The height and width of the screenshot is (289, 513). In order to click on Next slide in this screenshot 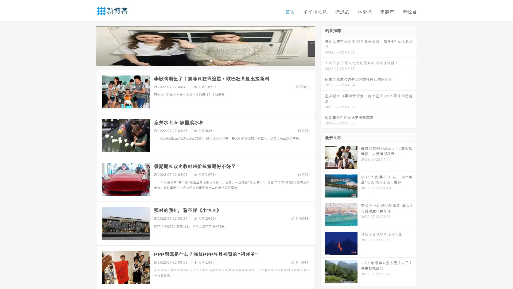, I will do `click(323, 45)`.